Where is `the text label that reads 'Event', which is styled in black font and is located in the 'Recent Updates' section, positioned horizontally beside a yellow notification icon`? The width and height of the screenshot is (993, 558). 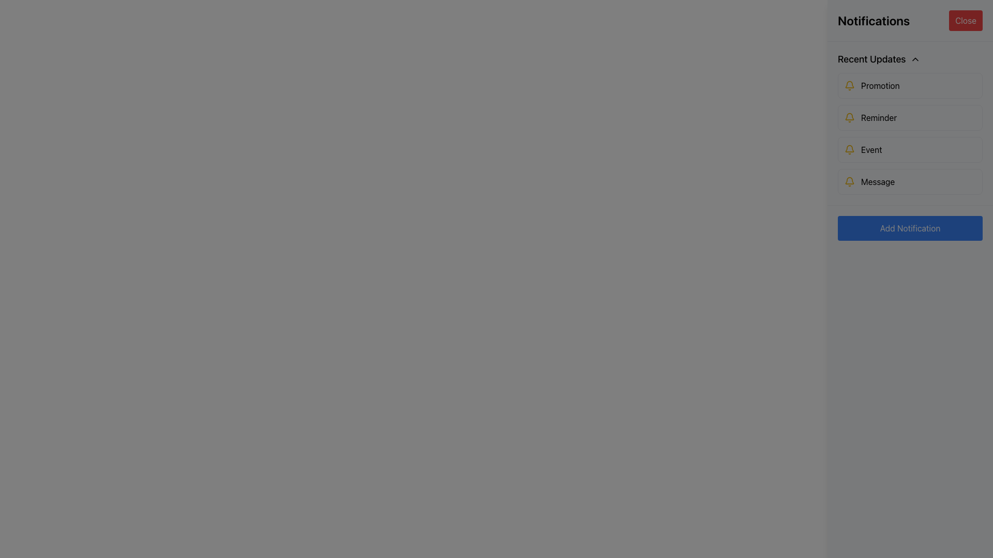 the text label that reads 'Event', which is styled in black font and is located in the 'Recent Updates' section, positioned horizontally beside a yellow notification icon is located at coordinates (871, 149).